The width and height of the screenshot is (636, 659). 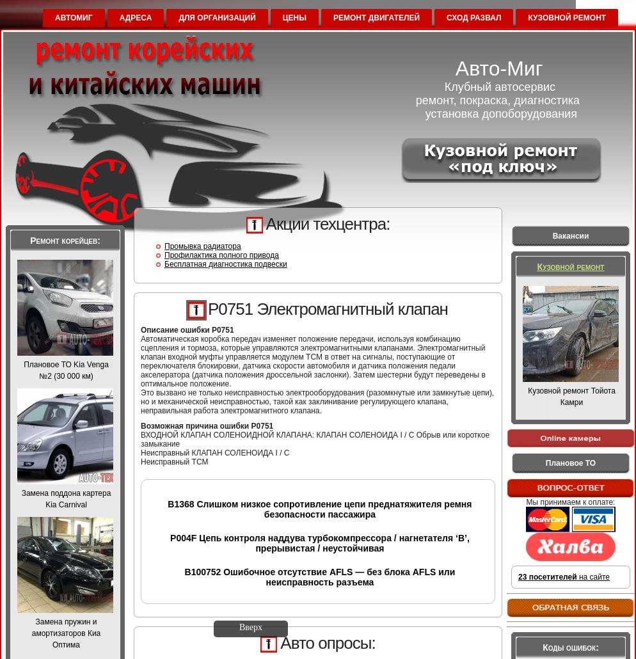 What do you see at coordinates (314, 440) in the screenshot?
I see `'ВХОДНОЙ КЛАПАН СОЛЕНОИДНОЙ КЛАПАНА: КЛАПАН СОЛЕНОИДА I / C Обрыв или короткое замыкание'` at bounding box center [314, 440].